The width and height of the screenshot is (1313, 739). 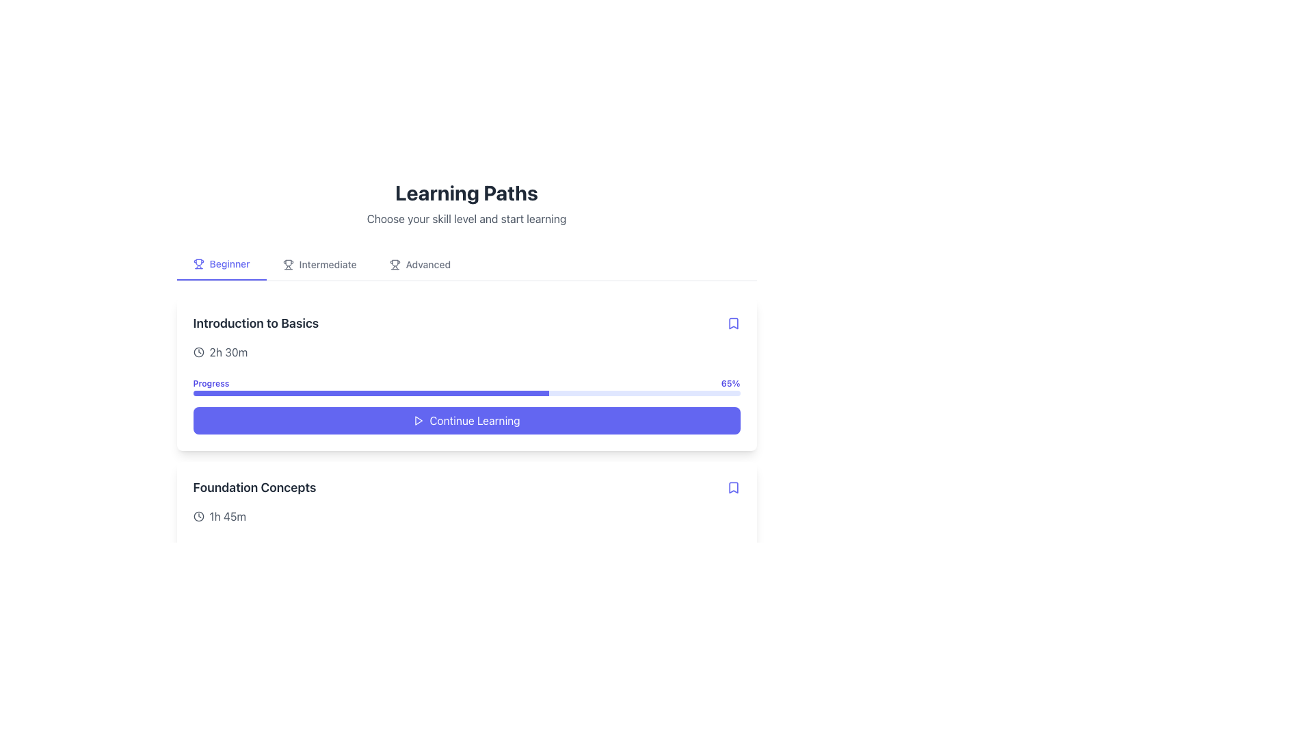 I want to click on the bold text label 'Learning Paths', which is prominently displayed at the top of the section, indicating a header role, so click(x=466, y=192).